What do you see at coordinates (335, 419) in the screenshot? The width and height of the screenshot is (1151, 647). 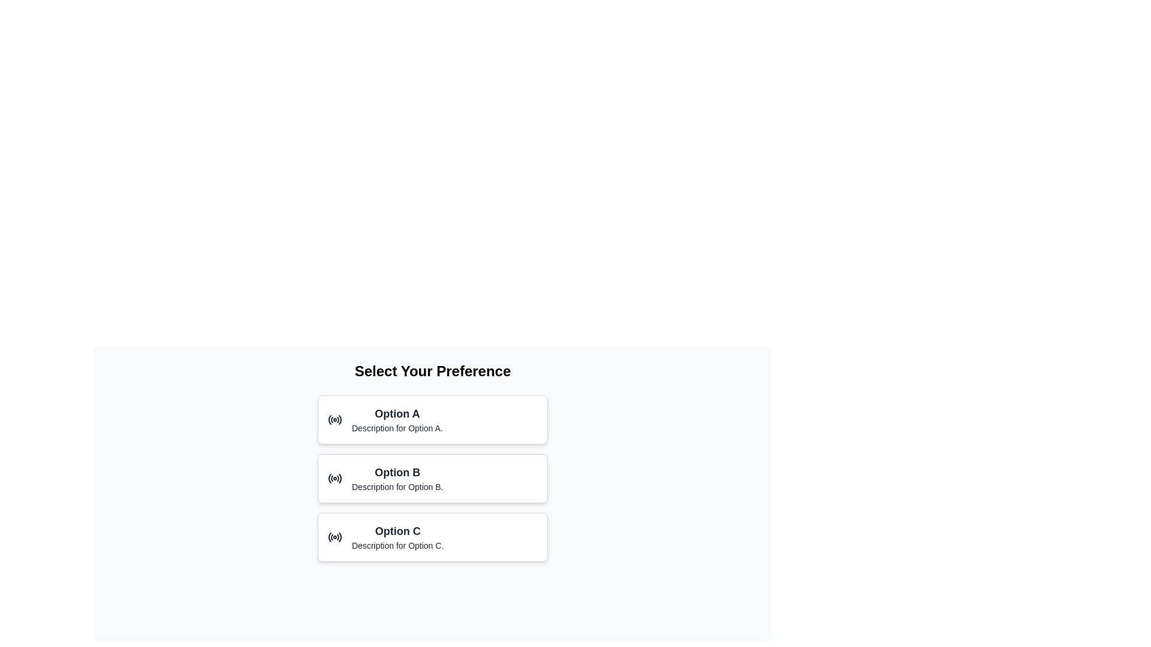 I see `the 'Option A' radio button to enable keyboard interaction` at bounding box center [335, 419].